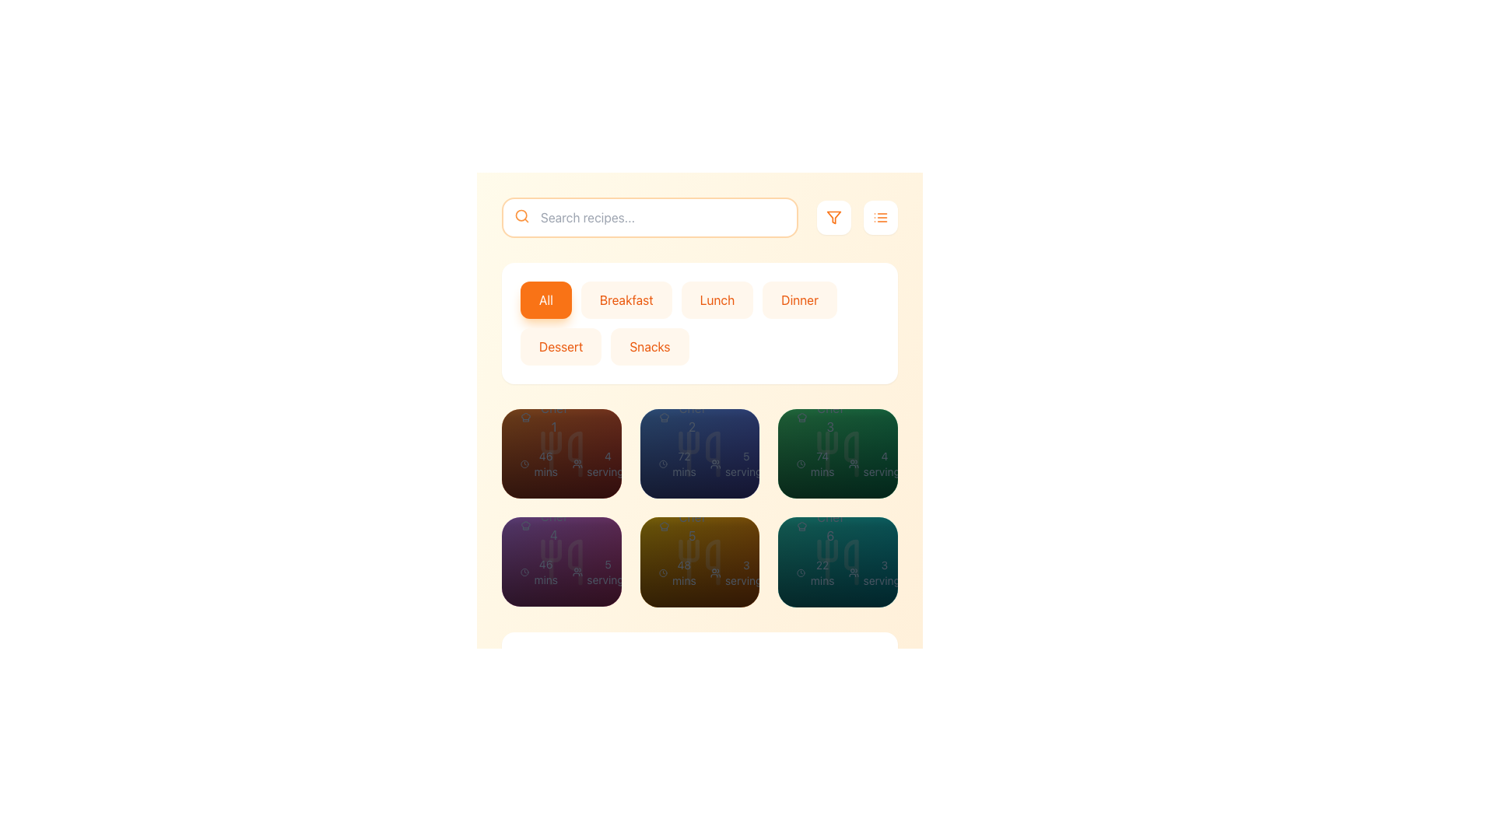 The height and width of the screenshot is (840, 1494). What do you see at coordinates (560, 562) in the screenshot?
I see `the recipe card located in the second row, first column of the grid layout, which provides details about a recipe including rating, preparation time, servings, and difficulty level` at bounding box center [560, 562].